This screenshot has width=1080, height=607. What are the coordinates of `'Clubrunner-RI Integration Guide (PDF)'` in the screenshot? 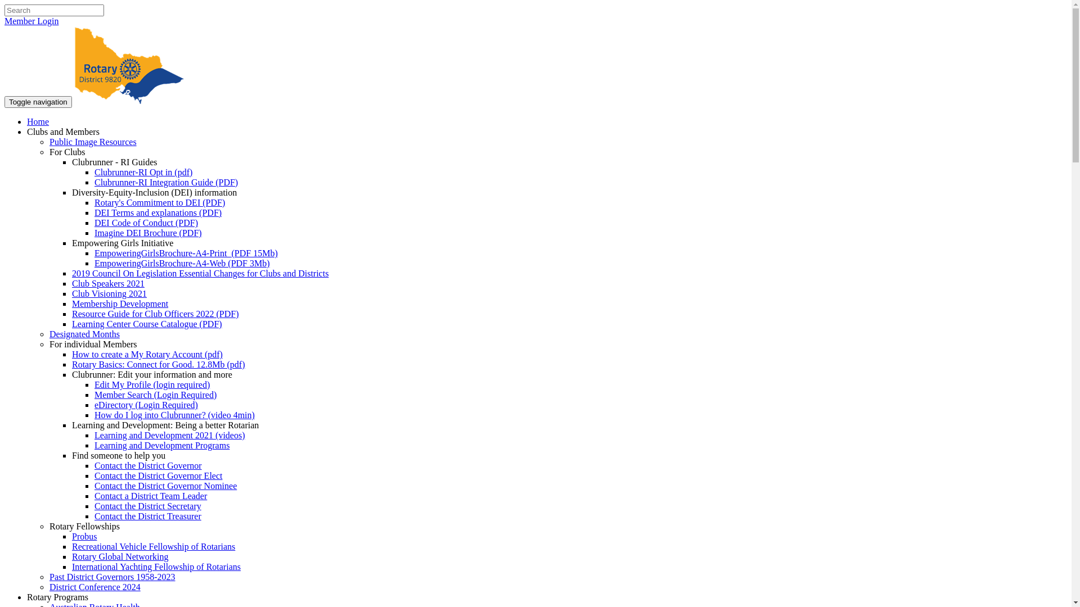 It's located at (165, 182).